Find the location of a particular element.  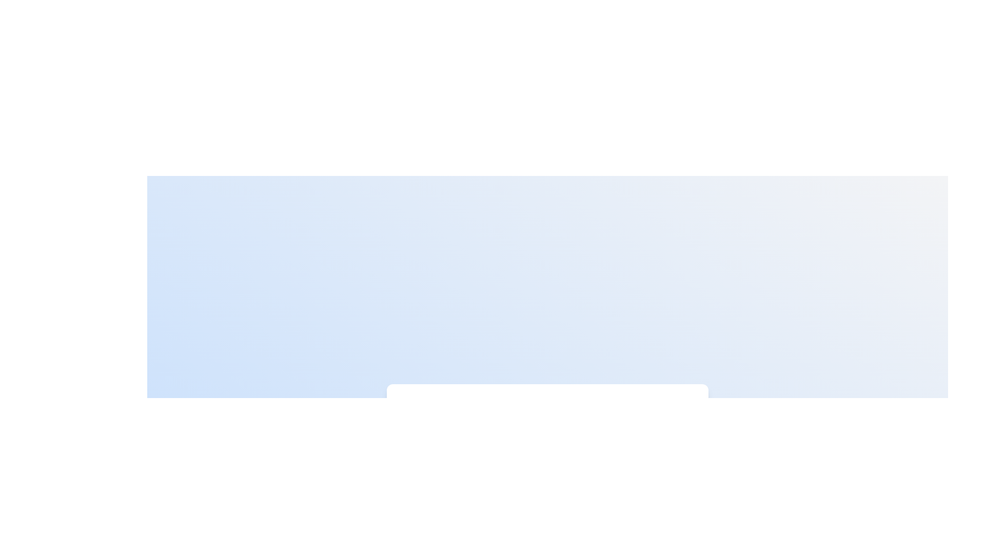

the icon of the tab labeled Dashboard to activate it is located at coordinates (419, 413).